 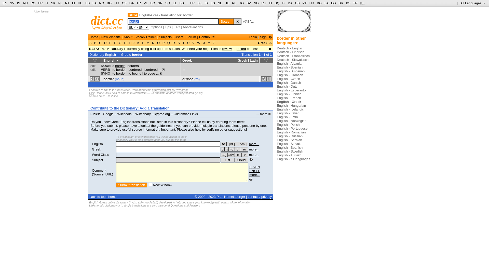 What do you see at coordinates (232, 144) in the screenshot?
I see `'(esp.) British English'` at bounding box center [232, 144].